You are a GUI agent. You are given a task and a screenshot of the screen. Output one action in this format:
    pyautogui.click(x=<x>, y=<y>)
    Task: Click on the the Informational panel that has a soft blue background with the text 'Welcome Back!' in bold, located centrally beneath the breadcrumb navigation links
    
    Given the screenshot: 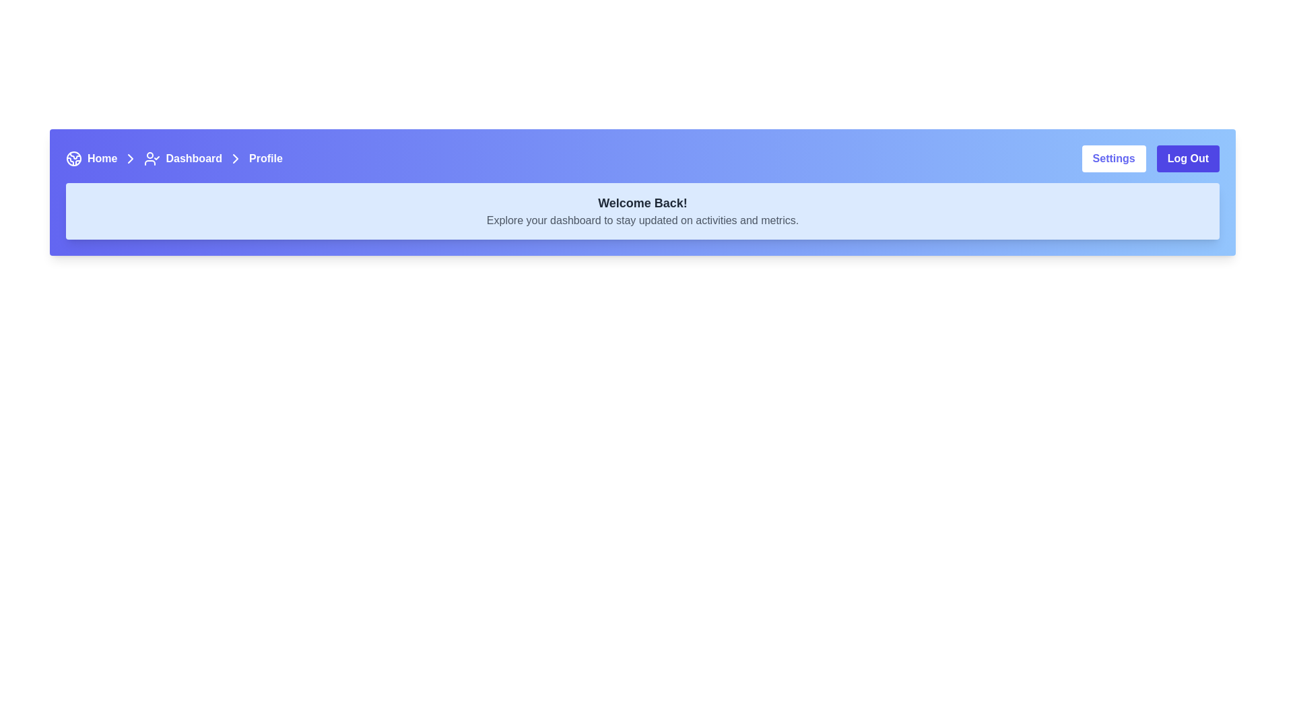 What is the action you would take?
    pyautogui.click(x=642, y=211)
    